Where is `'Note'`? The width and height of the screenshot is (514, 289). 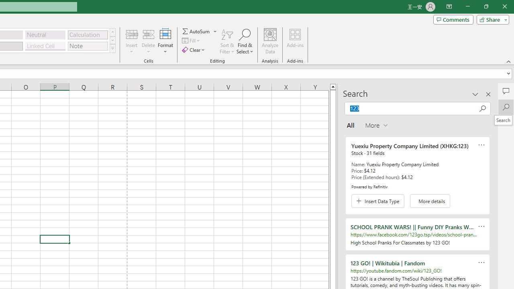 'Note' is located at coordinates (88, 46).